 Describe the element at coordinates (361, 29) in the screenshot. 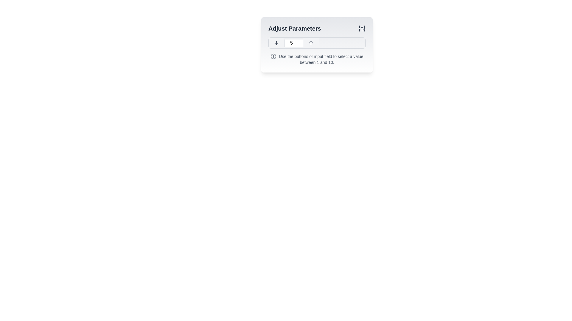

I see `the vertical sliders icon located in the top-right corner of the 'Adjust Parameters' section, adjacent to the text heading 'Adjust Parameters'` at that location.